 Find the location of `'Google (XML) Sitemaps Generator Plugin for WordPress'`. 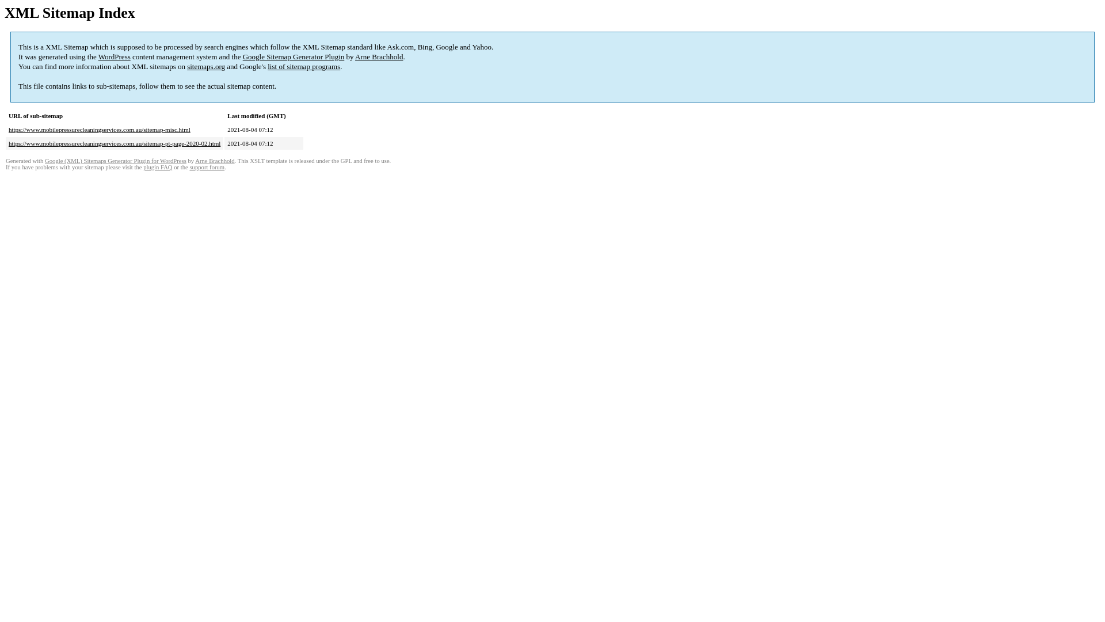

'Google (XML) Sitemaps Generator Plugin for WordPress' is located at coordinates (116, 161).